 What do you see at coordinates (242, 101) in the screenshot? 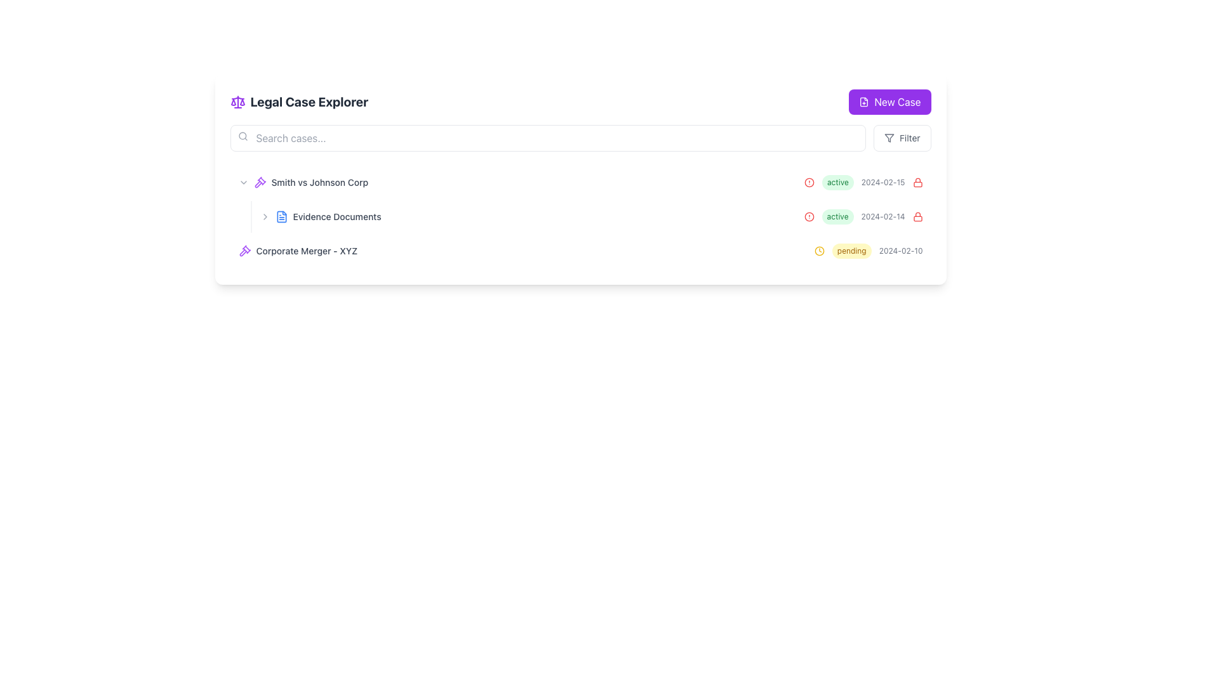
I see `the decorative justice scale icon, which is represented as the right triangle of the icon located at the leftmost side of the main navigation bar in the Legal Case Explorer application` at bounding box center [242, 101].